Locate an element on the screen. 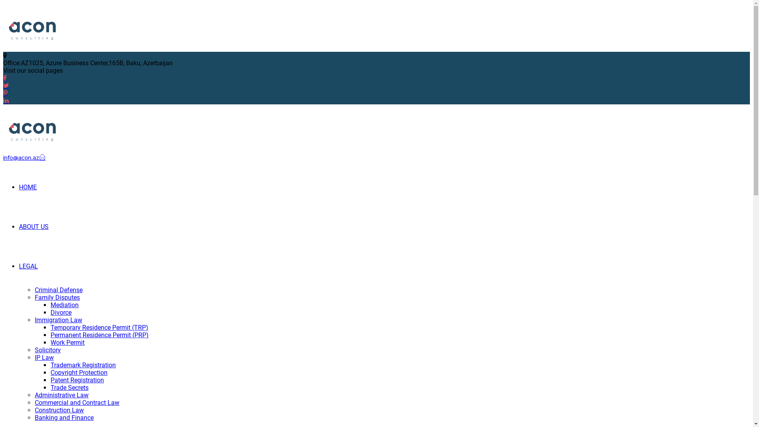 The width and height of the screenshot is (759, 427). 'Commercial and Contract Law' is located at coordinates (77, 402).